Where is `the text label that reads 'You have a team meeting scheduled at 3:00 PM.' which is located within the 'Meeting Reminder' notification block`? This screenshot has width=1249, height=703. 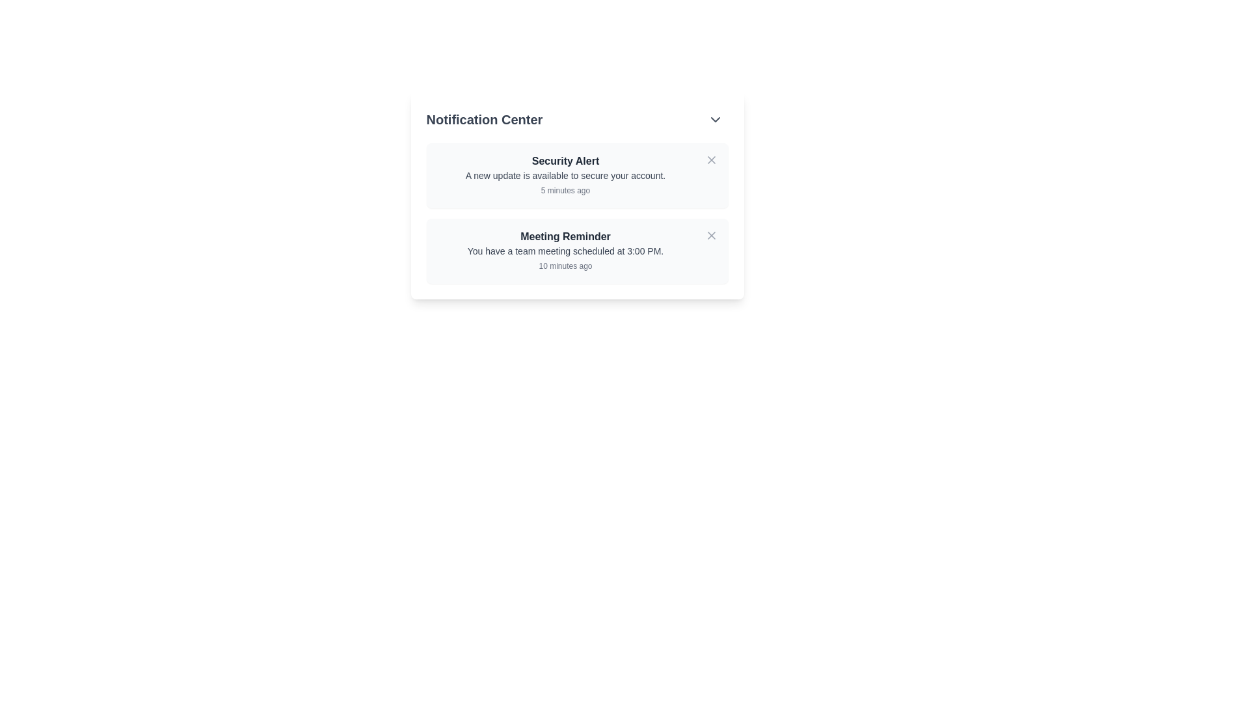 the text label that reads 'You have a team meeting scheduled at 3:00 PM.' which is located within the 'Meeting Reminder' notification block is located at coordinates (565, 251).